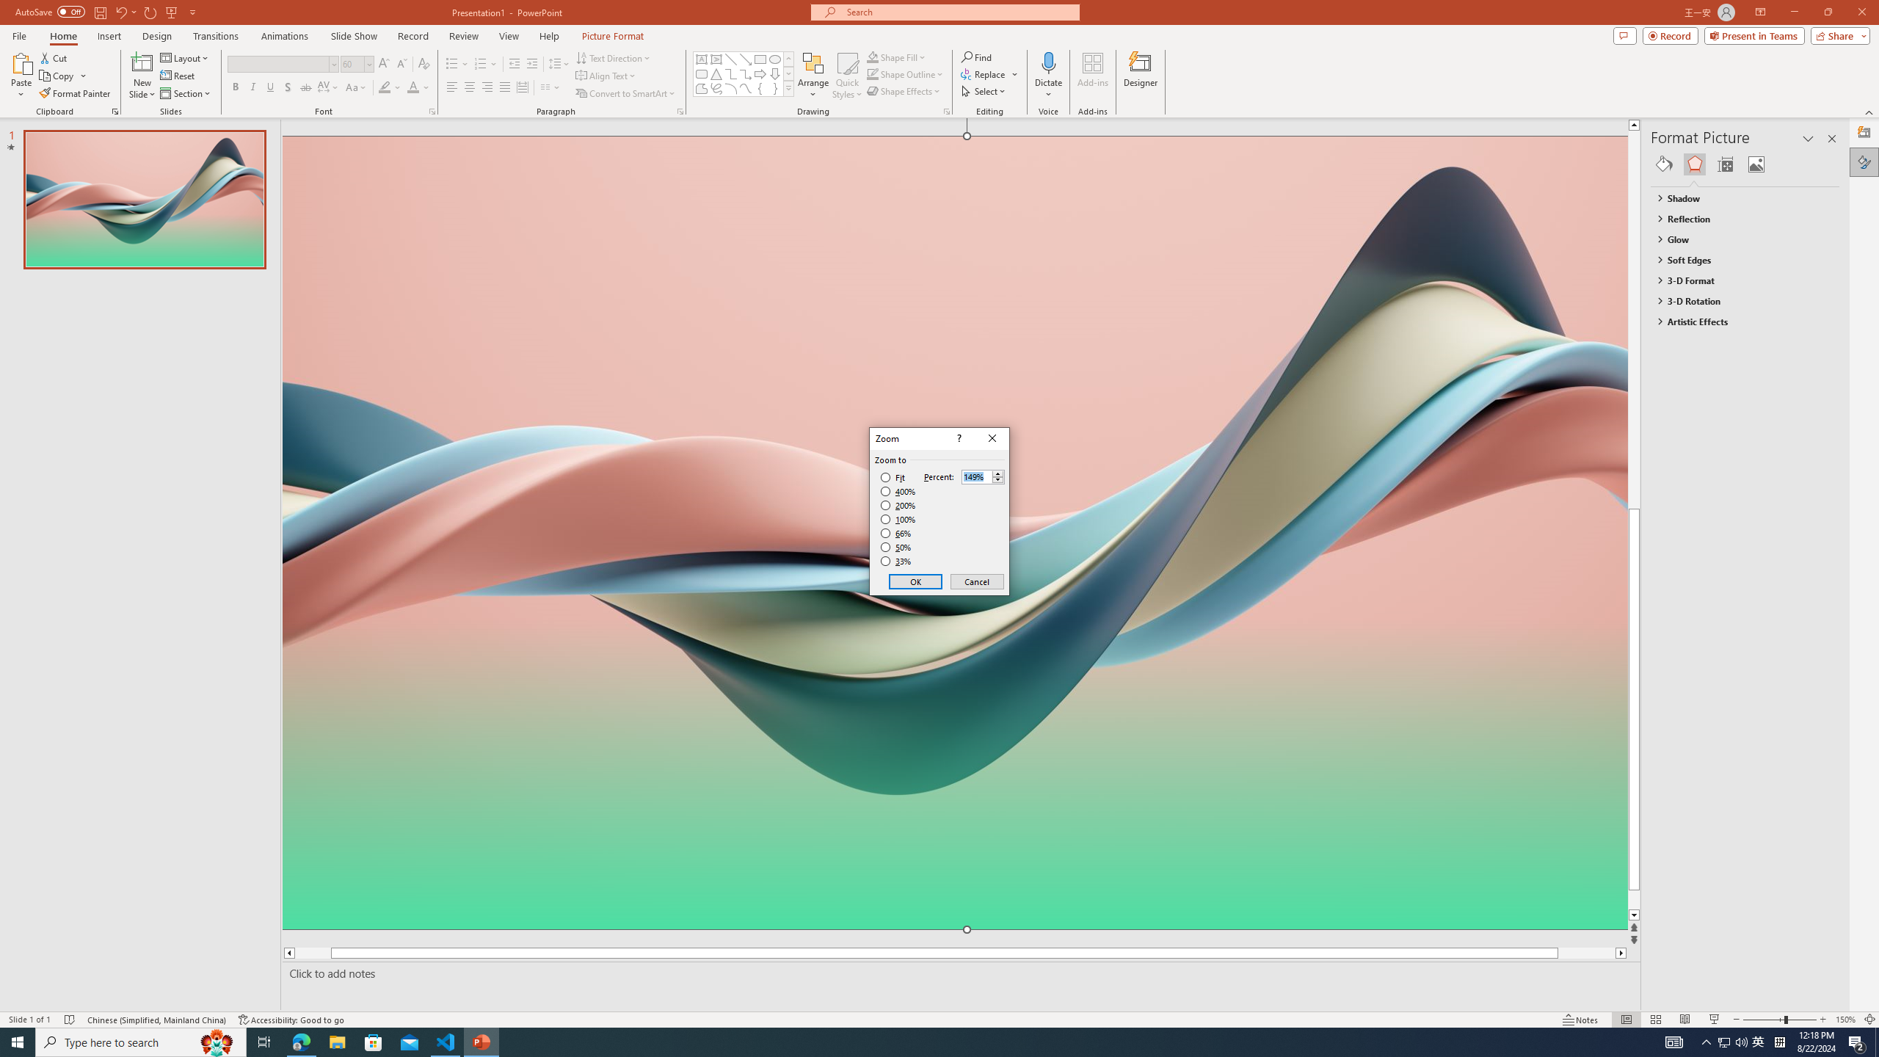 This screenshot has height=1057, width=1879. I want to click on 'Freeform: Scribble', so click(715, 87).